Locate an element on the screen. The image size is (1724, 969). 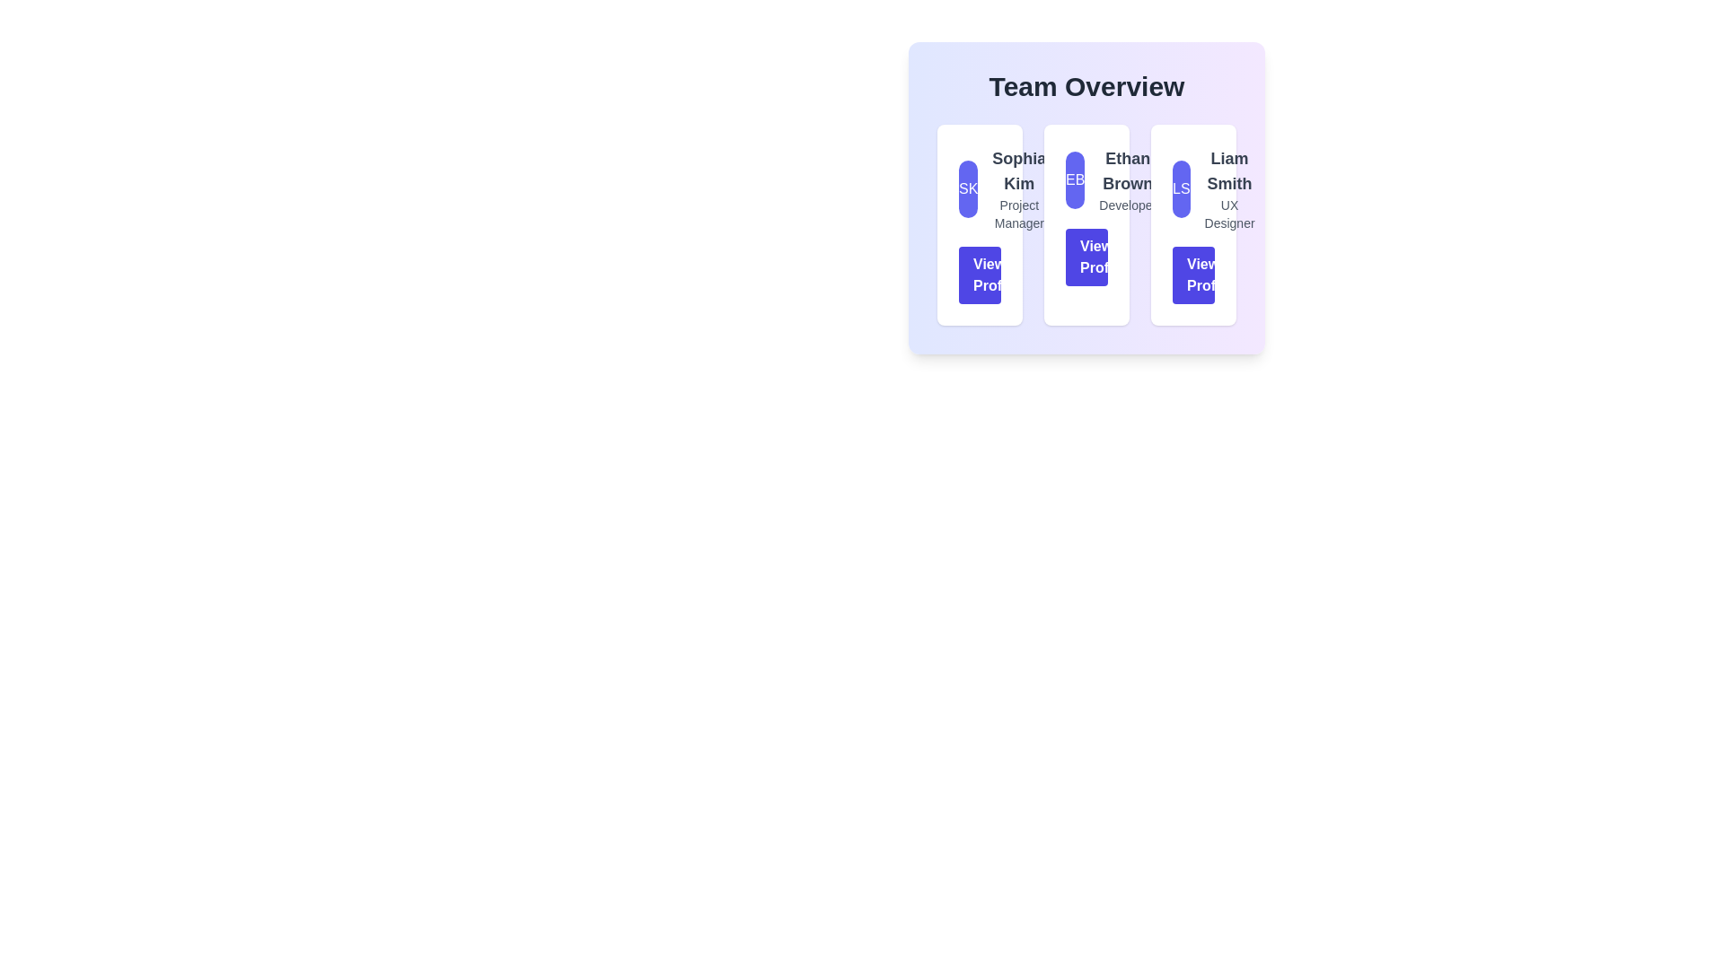
the text label displaying 'Developer', which is styled in gray and positioned below 'Ethan Brown' in the Team Overview card layout is located at coordinates (1127, 204).